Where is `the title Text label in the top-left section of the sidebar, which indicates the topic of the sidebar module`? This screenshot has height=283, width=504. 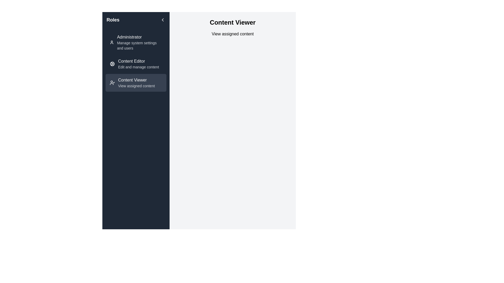
the title Text label in the top-left section of the sidebar, which indicates the topic of the sidebar module is located at coordinates (113, 20).